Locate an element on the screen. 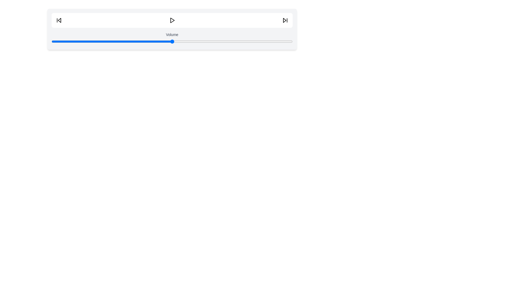  the volume level is located at coordinates (114, 41).